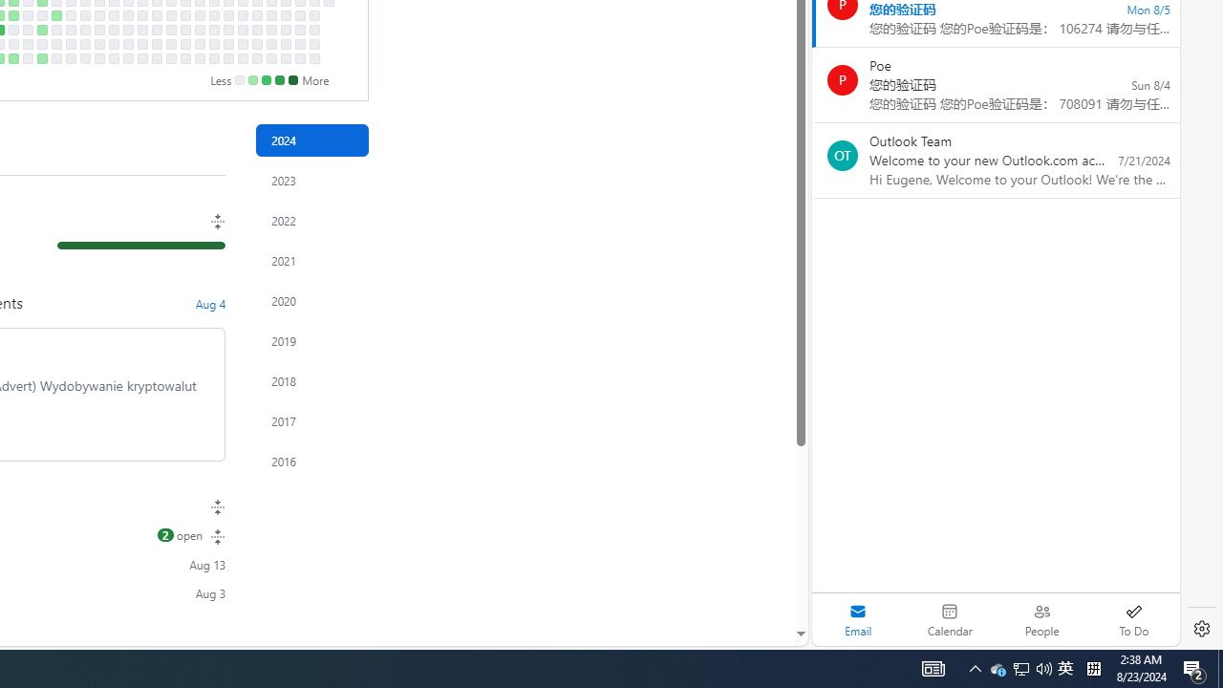 The width and height of the screenshot is (1223, 688). Describe the element at coordinates (55, 30) in the screenshot. I see `'No contributions on August 22nd.'` at that location.